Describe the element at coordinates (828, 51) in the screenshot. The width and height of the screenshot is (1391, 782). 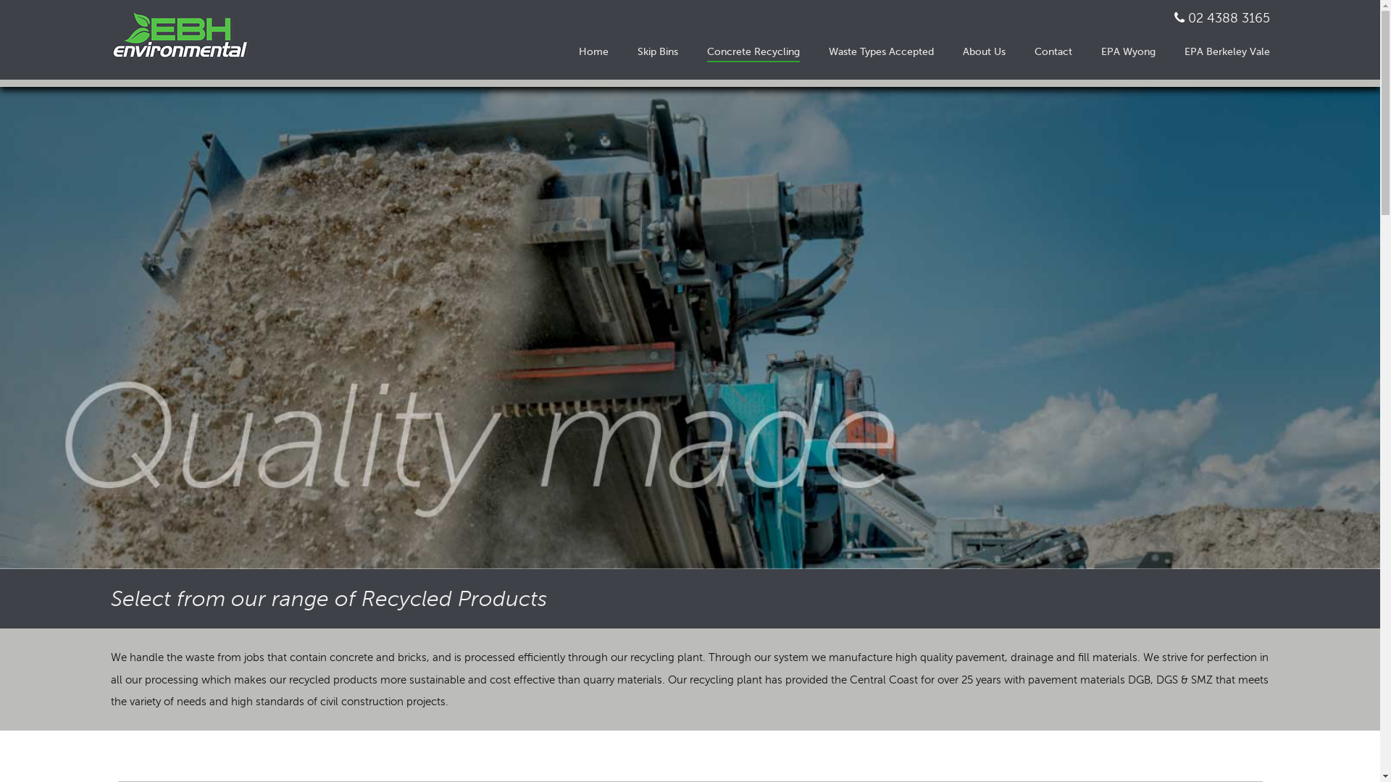
I see `'Waste Types Accepted'` at that location.